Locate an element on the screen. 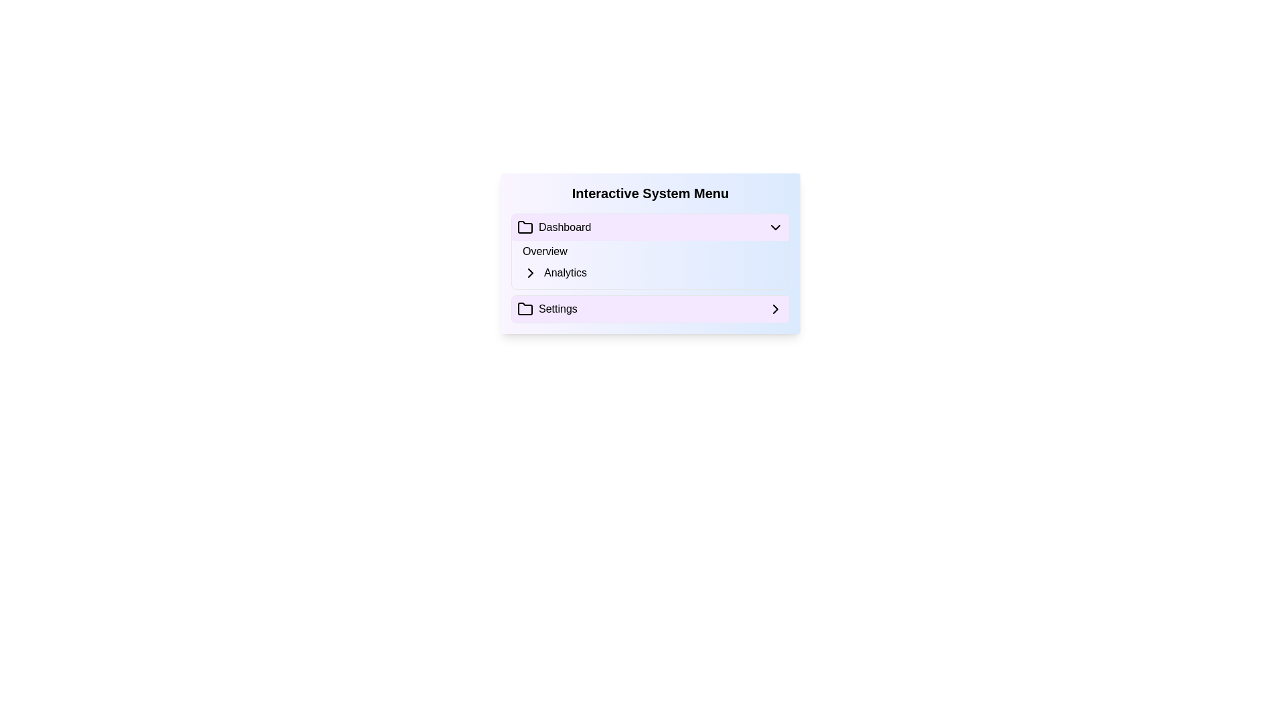 This screenshot has height=723, width=1285. the 'Settings' text label, which is displayed in bold within a light purple themed menu section, located at the bottom of the main menu panel next to a folder icon is located at coordinates (558, 309).